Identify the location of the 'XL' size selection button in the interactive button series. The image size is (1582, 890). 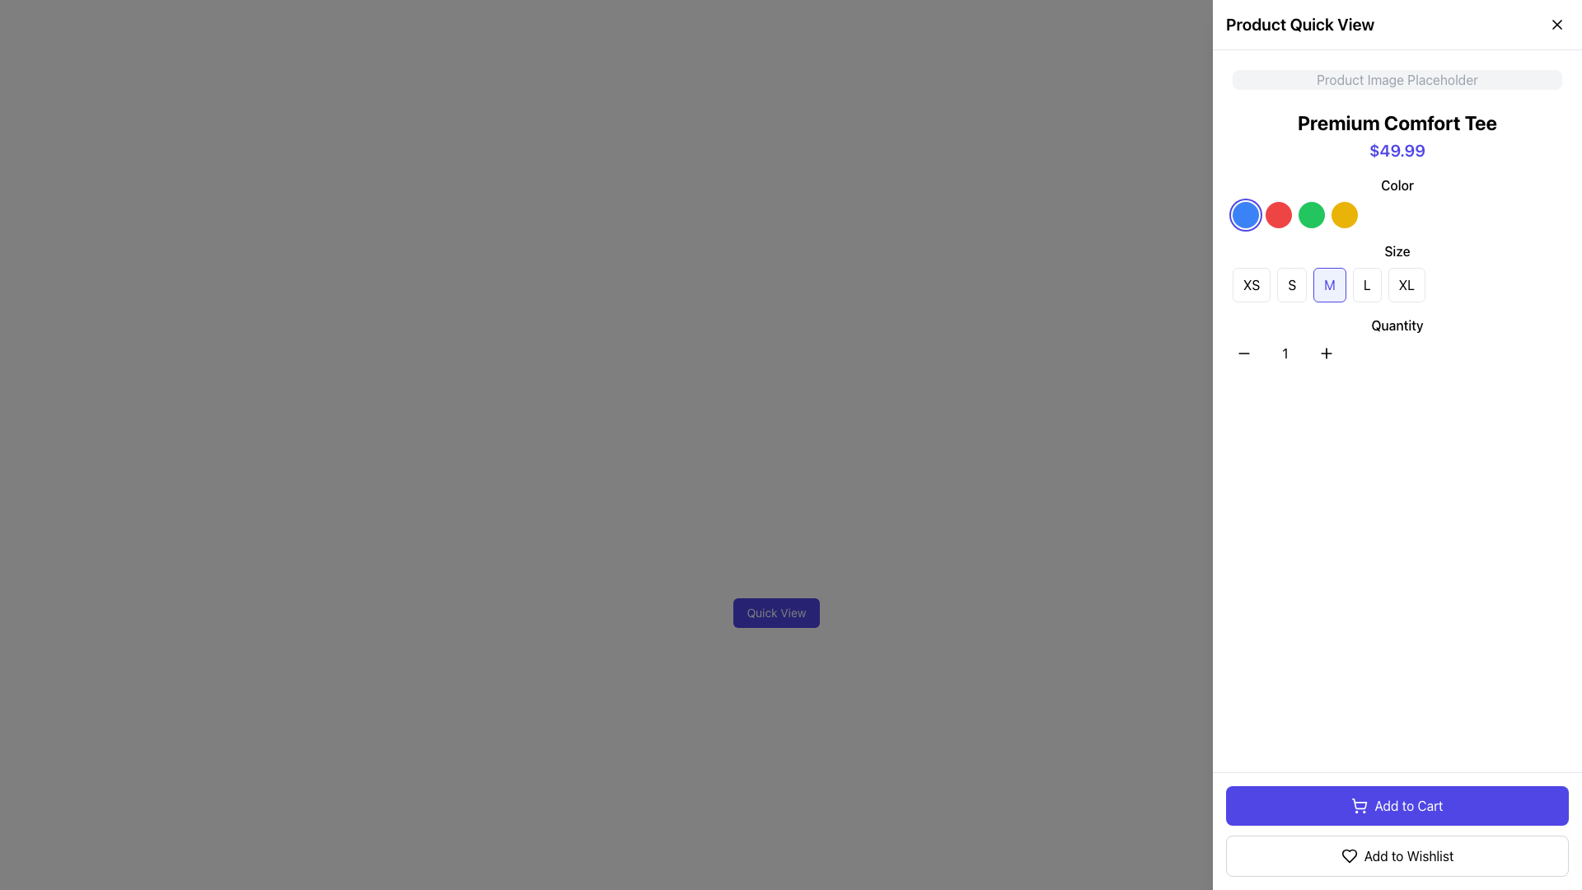
(1396, 284).